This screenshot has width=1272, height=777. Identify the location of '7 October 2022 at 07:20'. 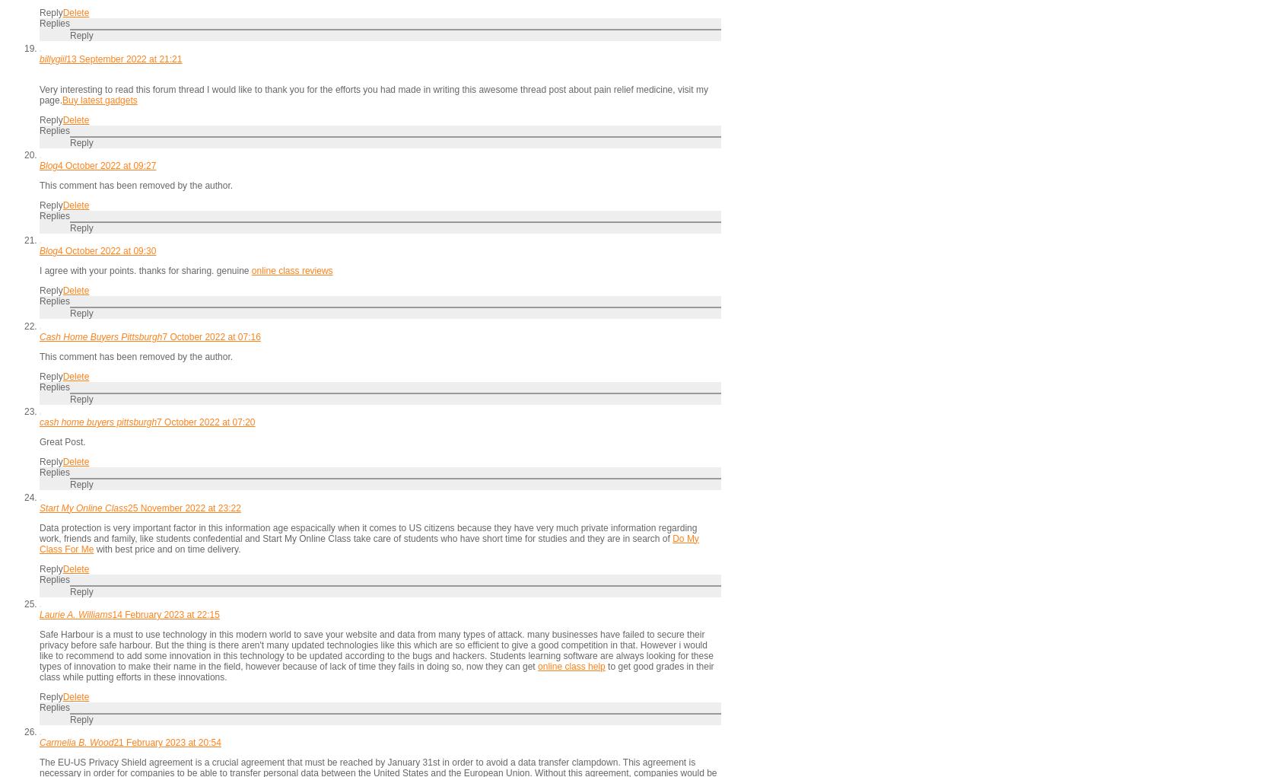
(155, 422).